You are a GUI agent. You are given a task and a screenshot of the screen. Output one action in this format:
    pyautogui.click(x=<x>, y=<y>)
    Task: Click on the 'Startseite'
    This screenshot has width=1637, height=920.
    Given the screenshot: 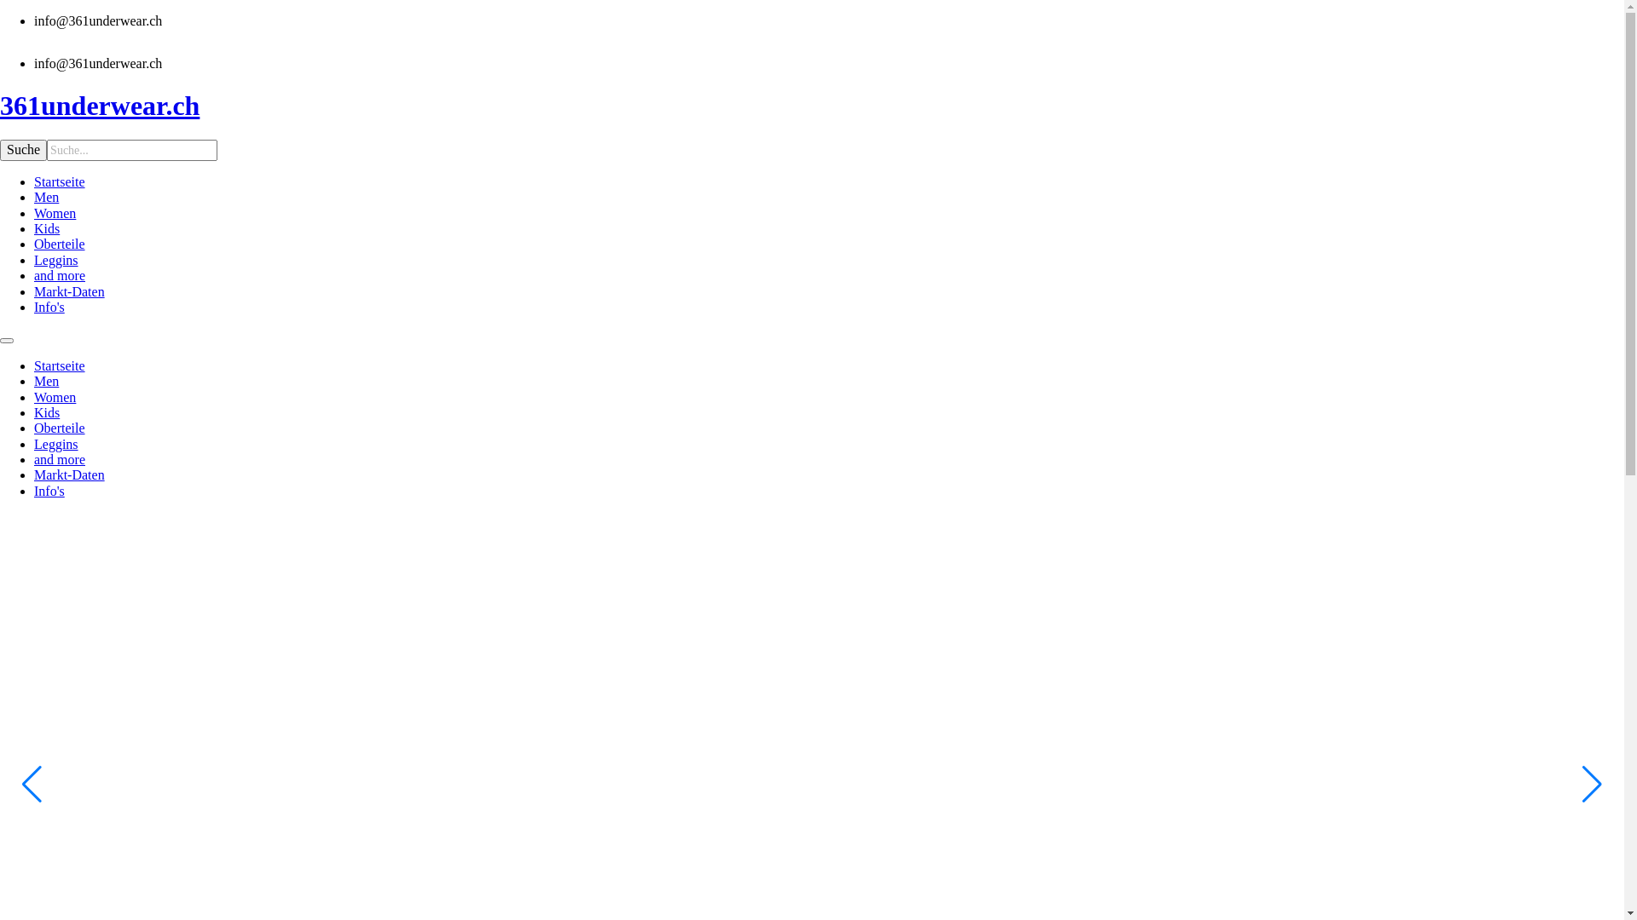 What is the action you would take?
    pyautogui.click(x=60, y=365)
    